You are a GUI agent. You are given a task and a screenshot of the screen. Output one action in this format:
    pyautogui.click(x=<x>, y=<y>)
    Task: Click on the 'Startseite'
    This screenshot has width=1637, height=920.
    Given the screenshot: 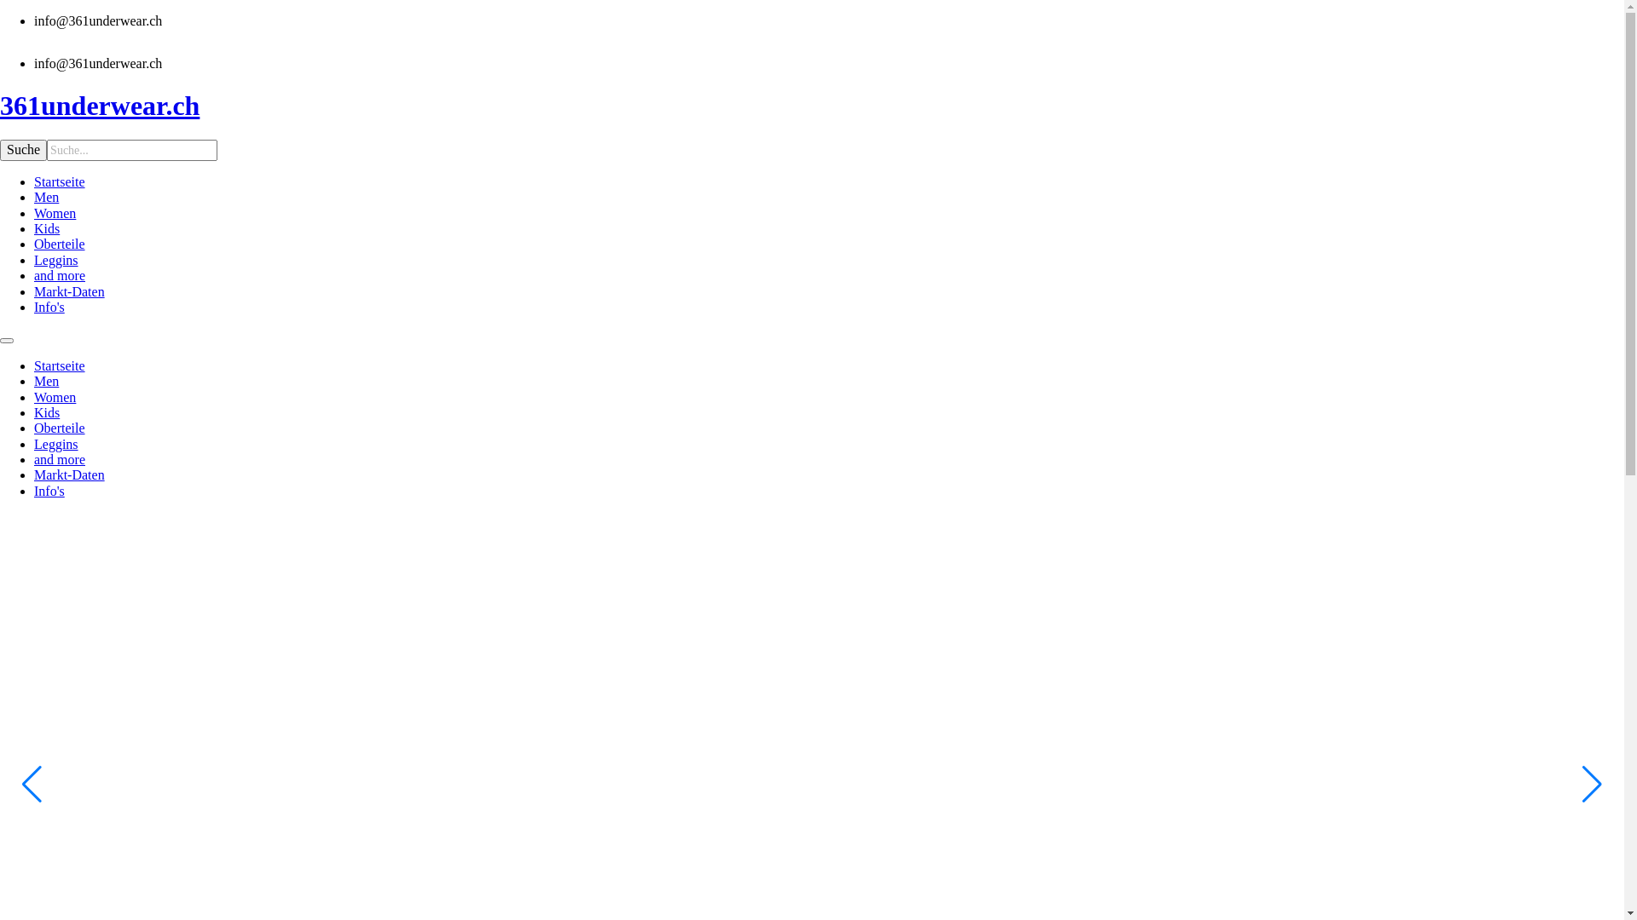 What is the action you would take?
    pyautogui.click(x=60, y=365)
    